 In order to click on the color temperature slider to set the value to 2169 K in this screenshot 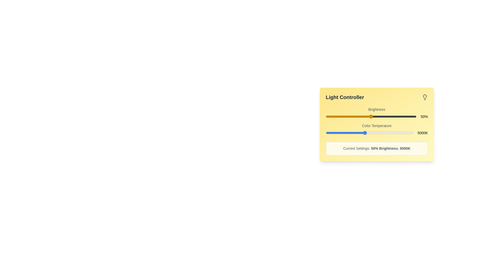, I will do `click(337, 132)`.